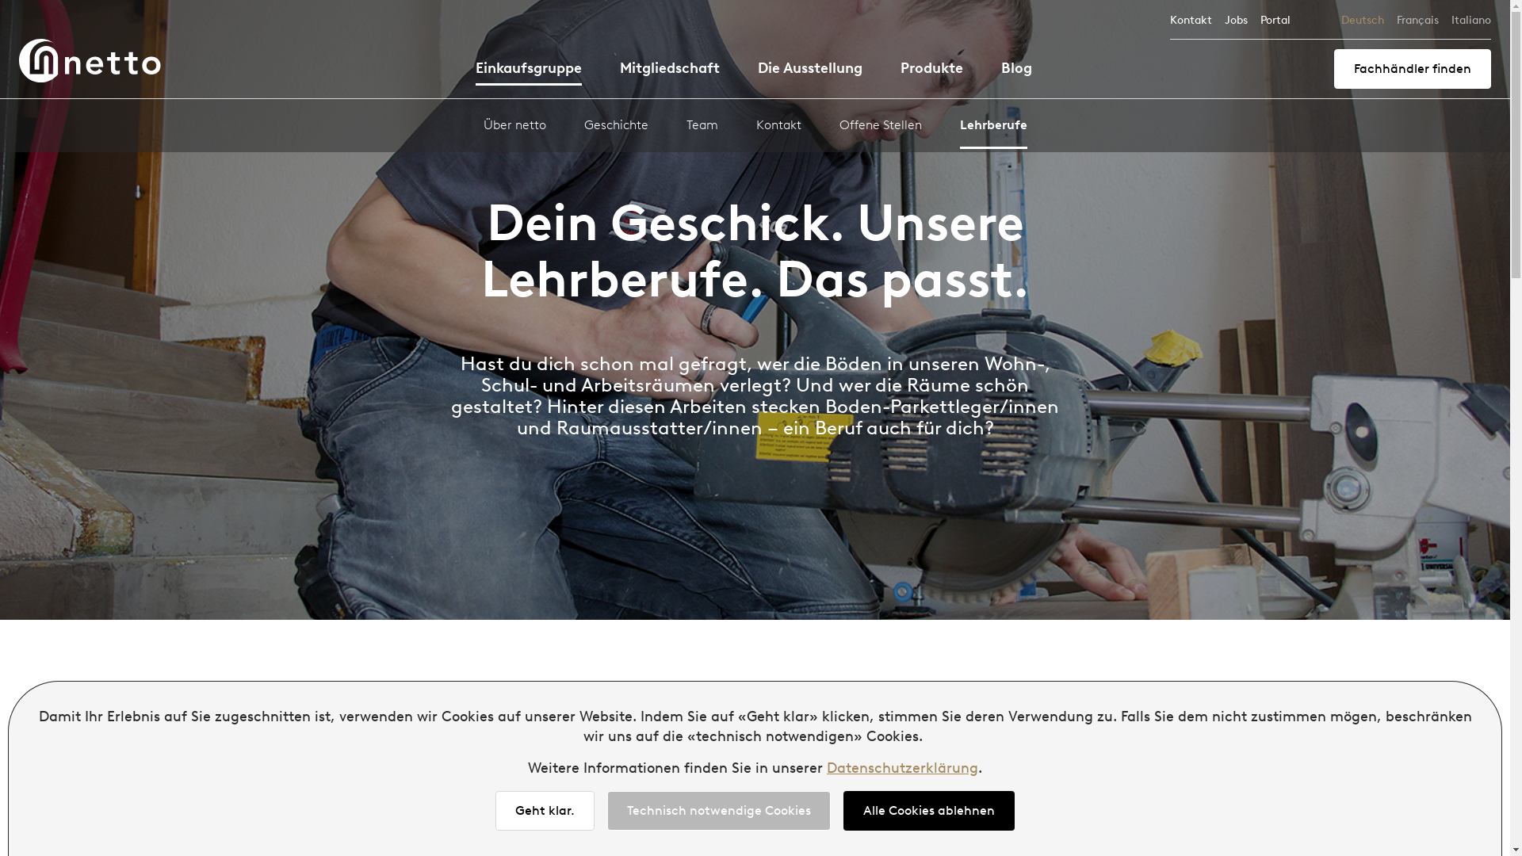 Image resolution: width=1522 pixels, height=856 pixels. Describe the element at coordinates (614, 130) in the screenshot. I see `'Geschichte'` at that location.